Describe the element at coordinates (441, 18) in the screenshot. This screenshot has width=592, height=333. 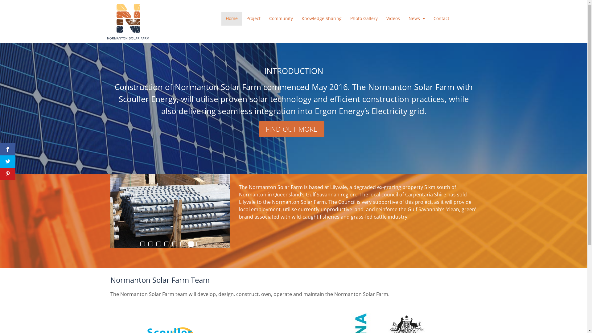
I see `'Contact'` at that location.